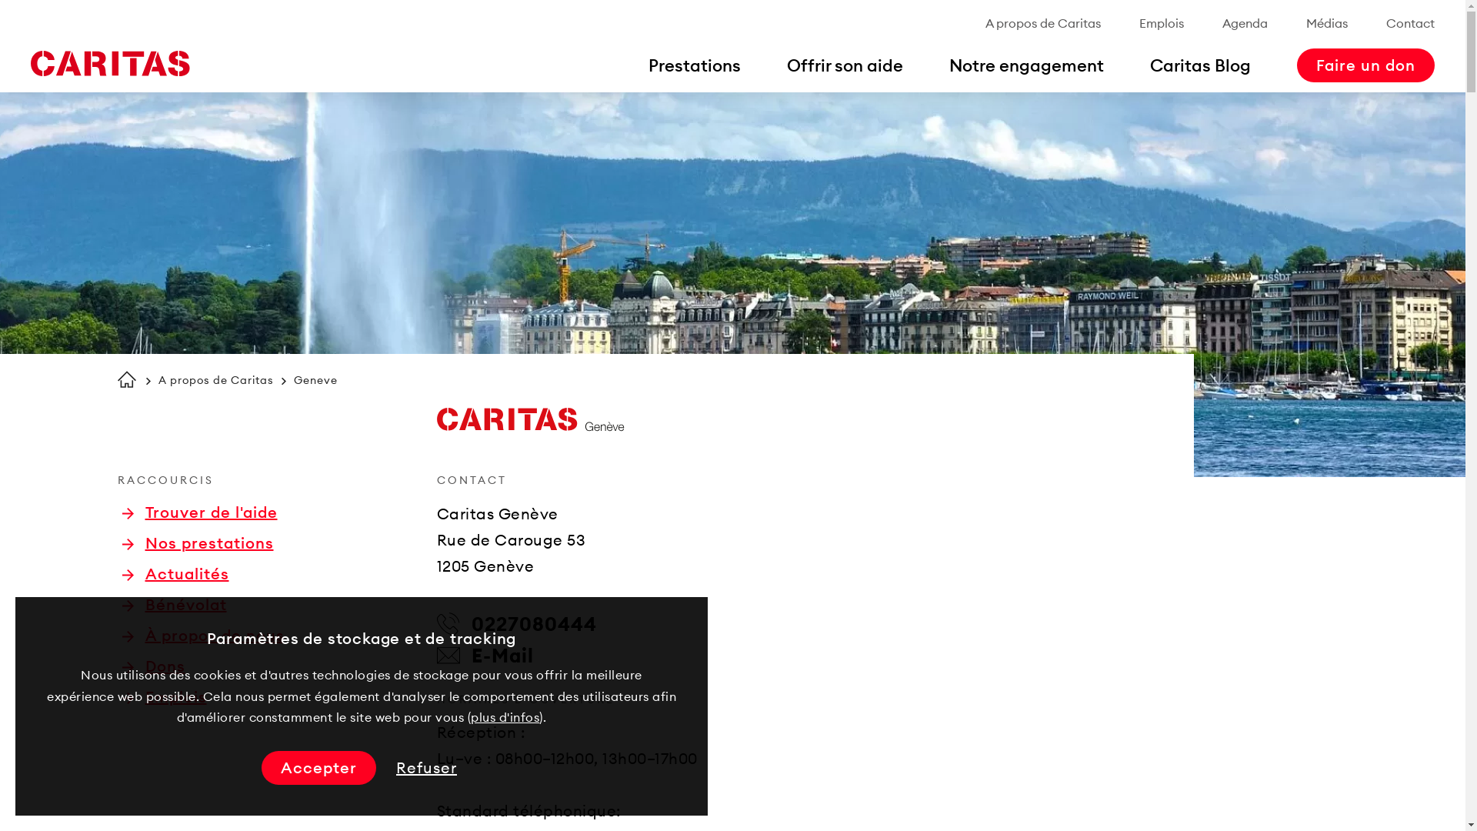 This screenshot has height=831, width=1477. What do you see at coordinates (152, 666) in the screenshot?
I see `'Dons'` at bounding box center [152, 666].